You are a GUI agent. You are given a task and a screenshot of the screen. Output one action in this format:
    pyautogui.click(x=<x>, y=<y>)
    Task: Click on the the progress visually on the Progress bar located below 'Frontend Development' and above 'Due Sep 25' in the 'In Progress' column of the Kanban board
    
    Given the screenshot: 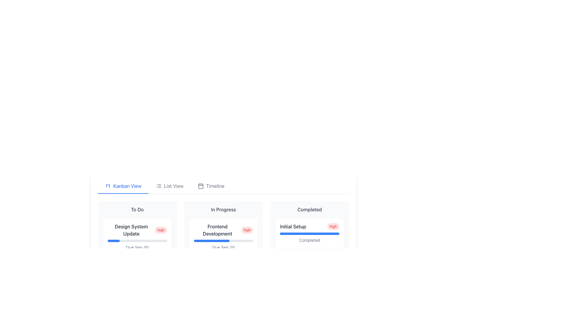 What is the action you would take?
    pyautogui.click(x=223, y=240)
    